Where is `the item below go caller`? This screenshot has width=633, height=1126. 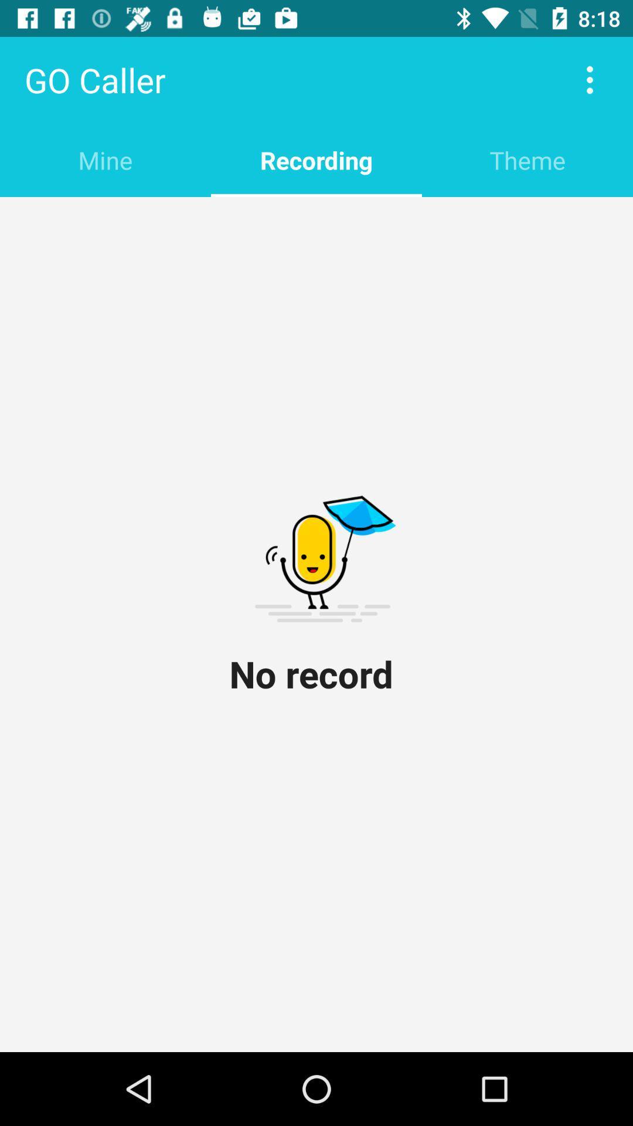 the item below go caller is located at coordinates (105, 160).